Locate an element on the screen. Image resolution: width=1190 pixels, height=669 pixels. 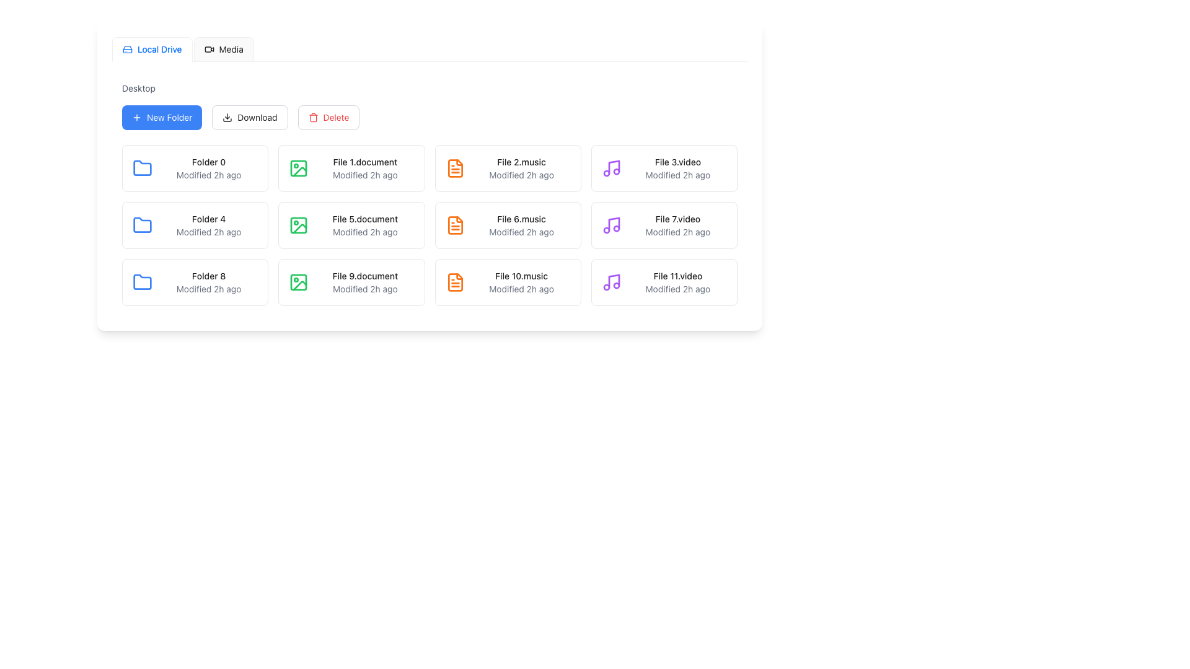
the text label displaying 'Modified 2h ago', which is styled in gray and appears below the primary file name 'File 7.video' is located at coordinates (677, 232).